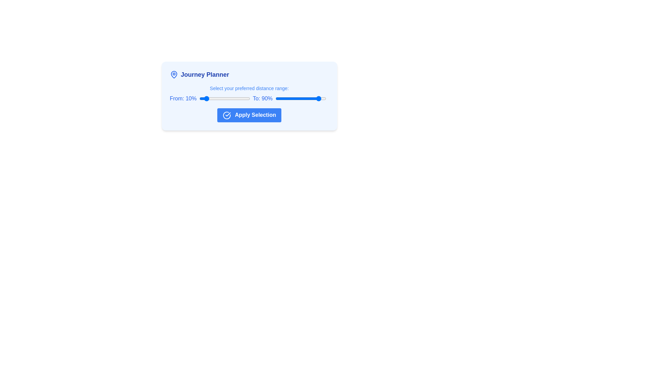  Describe the element at coordinates (227, 115) in the screenshot. I see `the Graphic Icon located on the left side of the 'Apply Selection' button` at that location.